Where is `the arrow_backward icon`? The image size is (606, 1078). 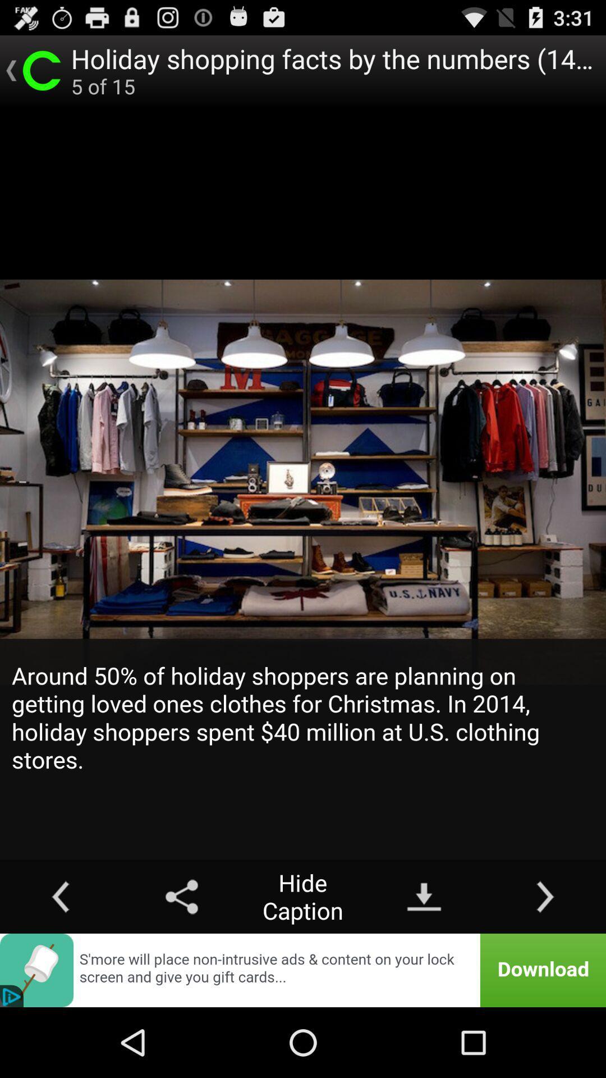
the arrow_backward icon is located at coordinates (61, 959).